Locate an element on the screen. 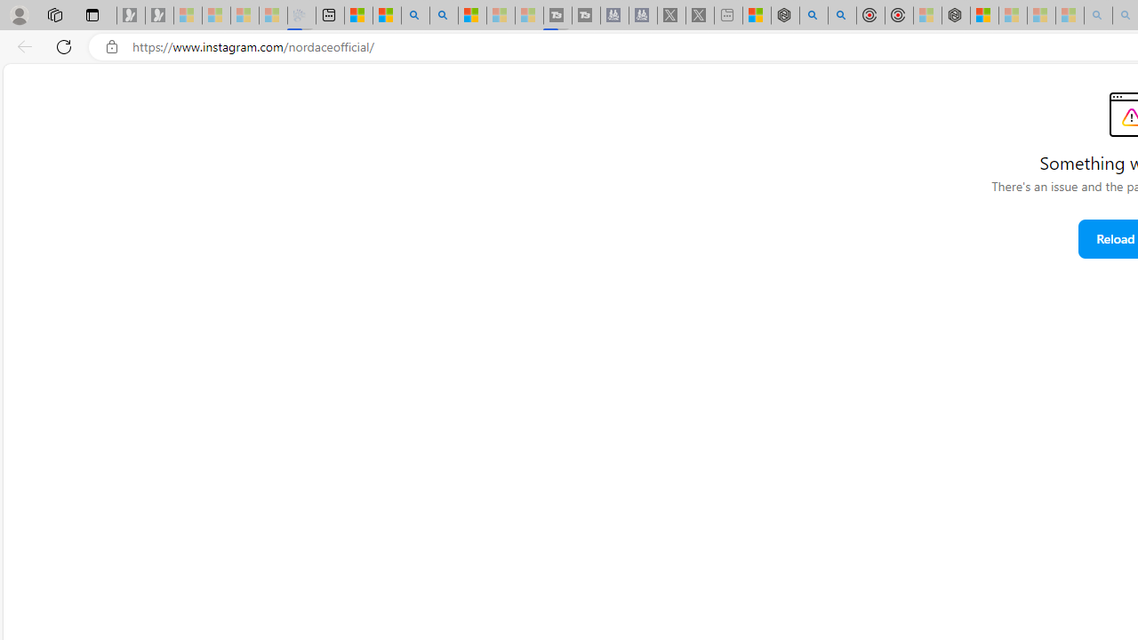 This screenshot has width=1138, height=640. 'Microsoft Start - Sleeping' is located at coordinates (500, 15).